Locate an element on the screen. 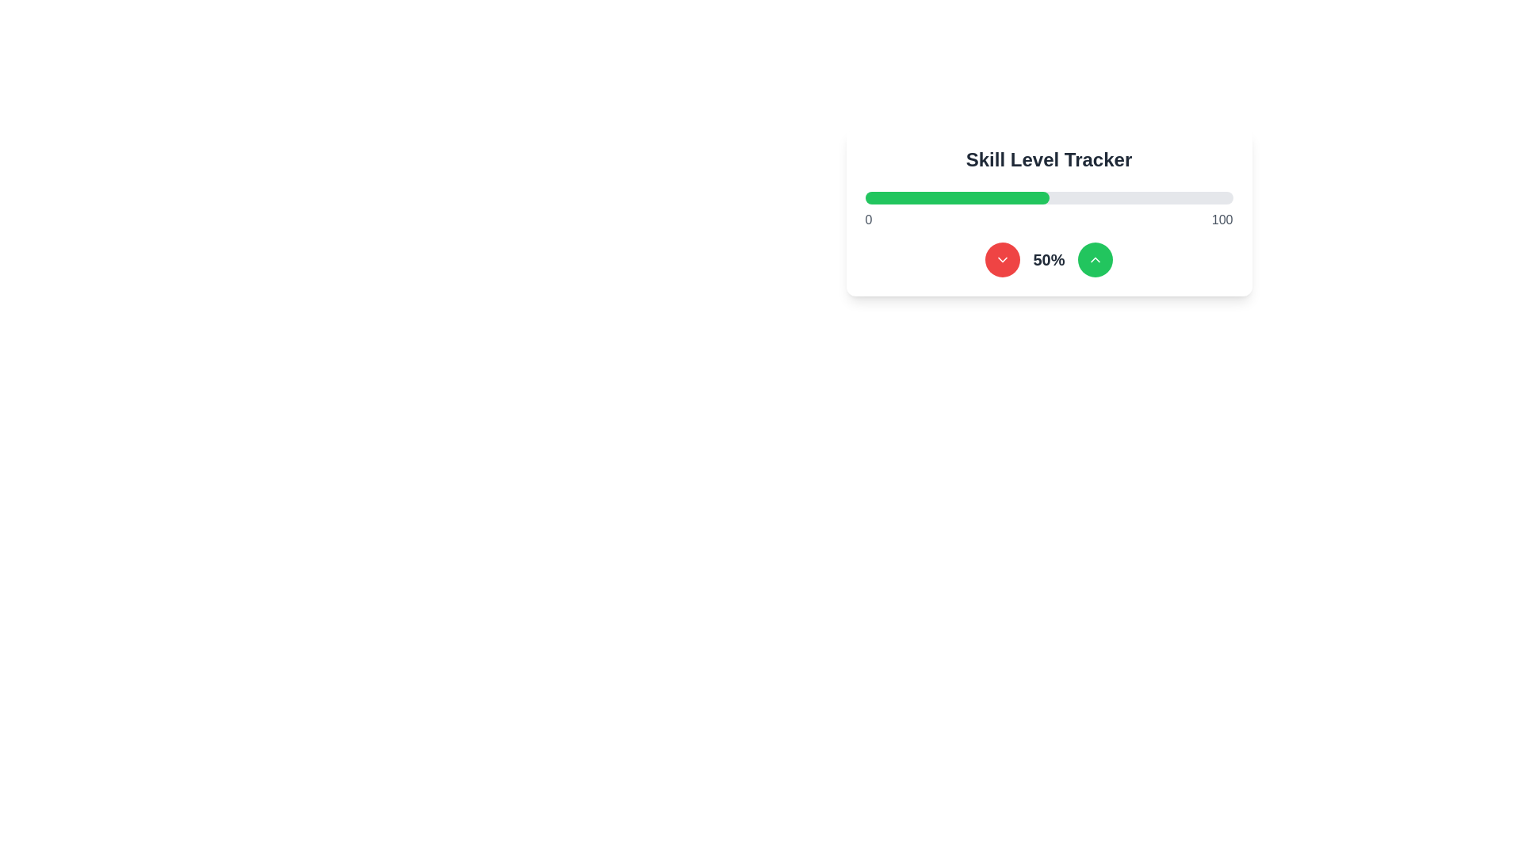 Image resolution: width=1522 pixels, height=856 pixels. the increment button located immediately to the right of the text element displaying '50%', which is the second button in the horizontal row after a red circular button is located at coordinates (1094, 258).